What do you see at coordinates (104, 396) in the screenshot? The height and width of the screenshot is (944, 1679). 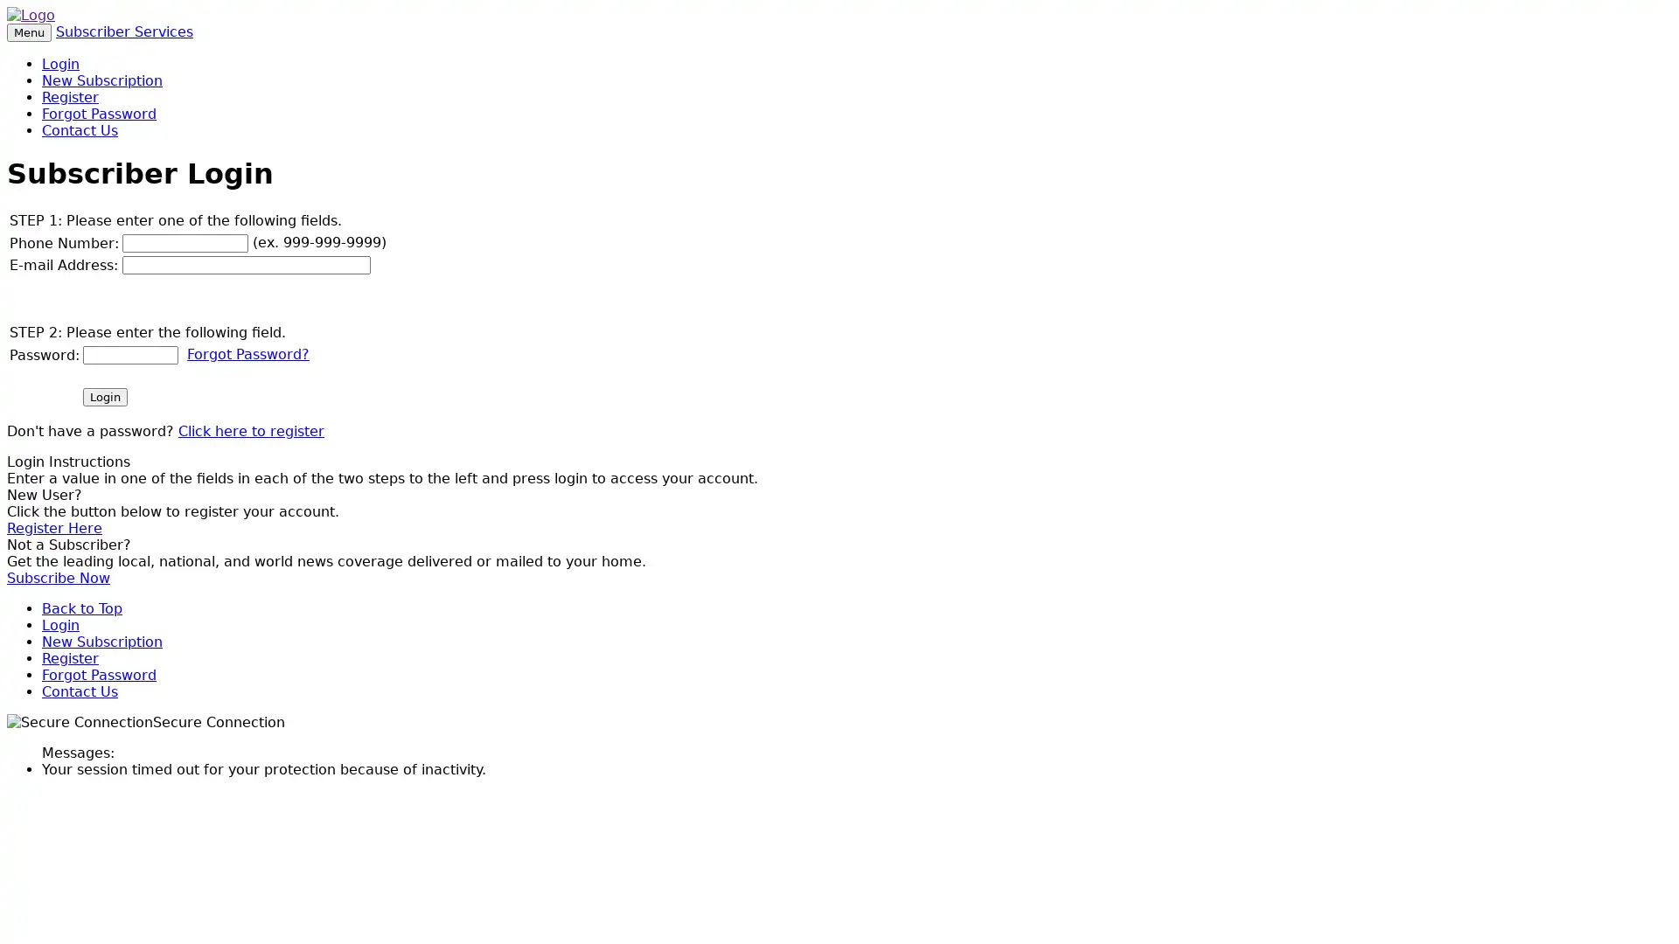 I see `Login` at bounding box center [104, 396].